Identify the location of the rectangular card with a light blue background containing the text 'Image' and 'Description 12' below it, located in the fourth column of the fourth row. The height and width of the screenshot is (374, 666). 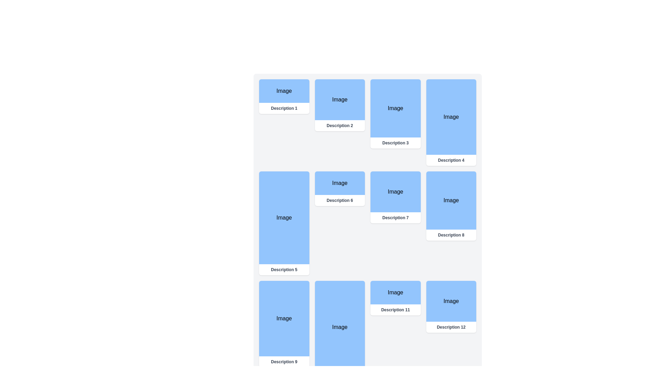
(451, 306).